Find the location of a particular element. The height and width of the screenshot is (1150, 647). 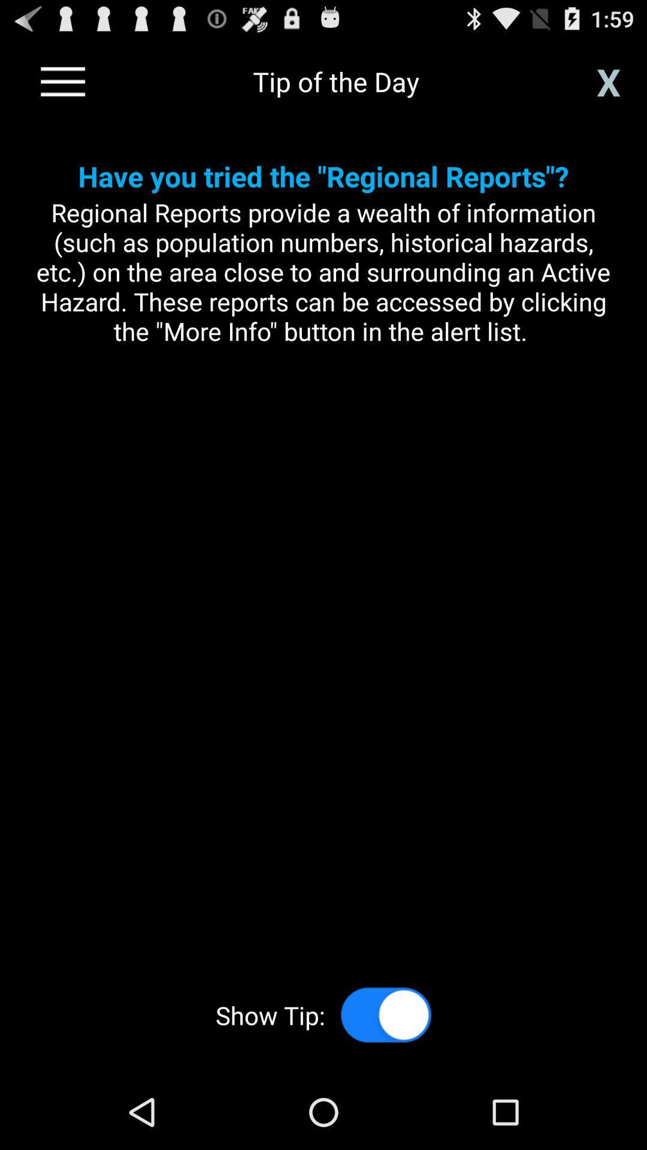

go back is located at coordinates (63, 81).